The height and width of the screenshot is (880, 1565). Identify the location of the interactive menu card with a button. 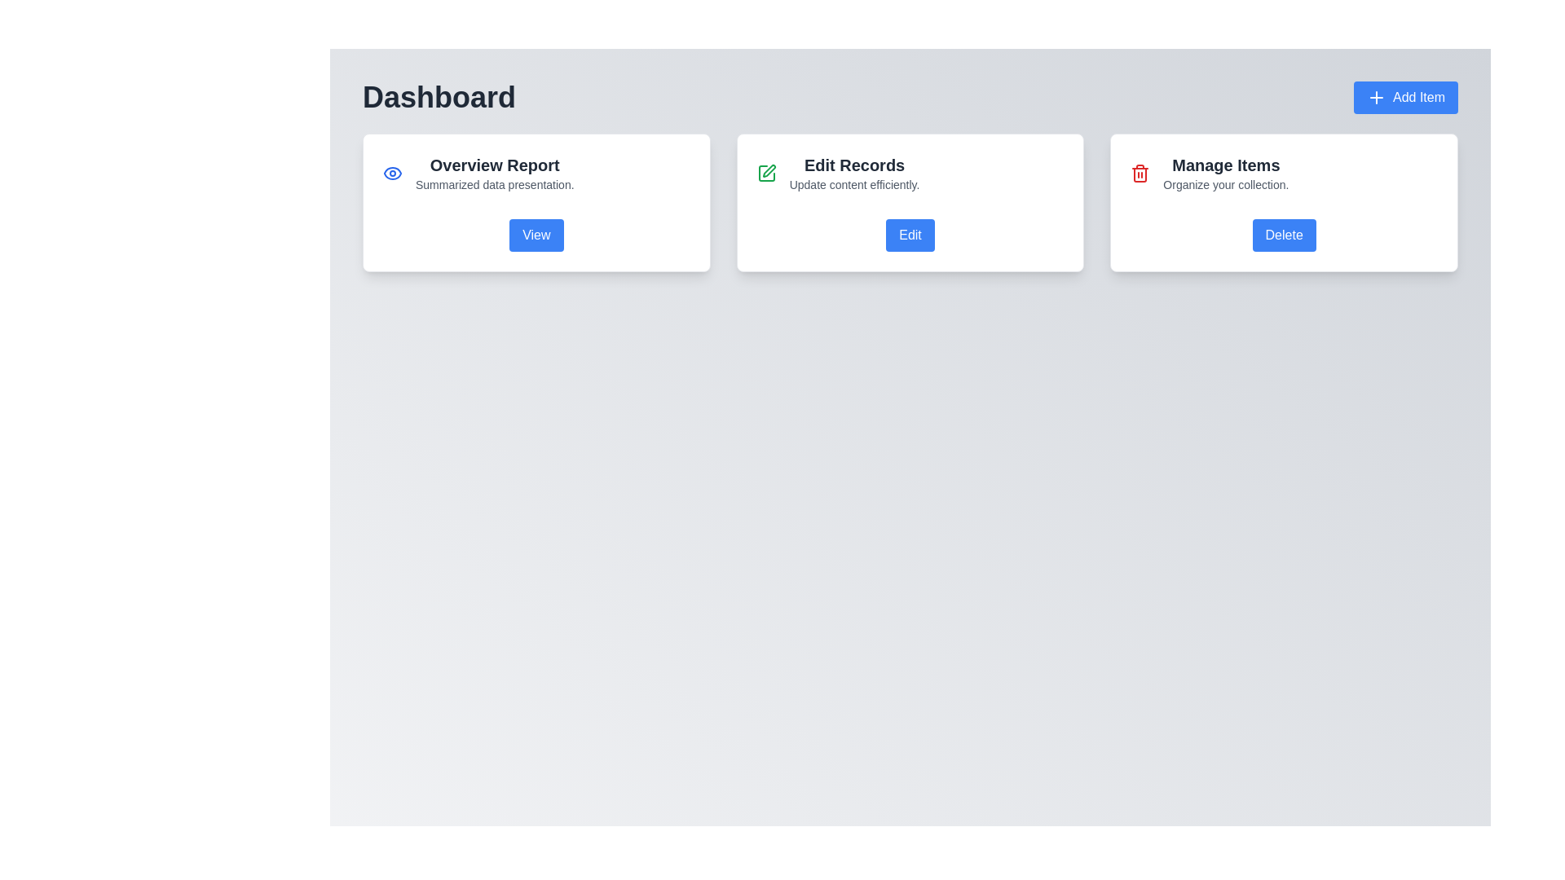
(910, 202).